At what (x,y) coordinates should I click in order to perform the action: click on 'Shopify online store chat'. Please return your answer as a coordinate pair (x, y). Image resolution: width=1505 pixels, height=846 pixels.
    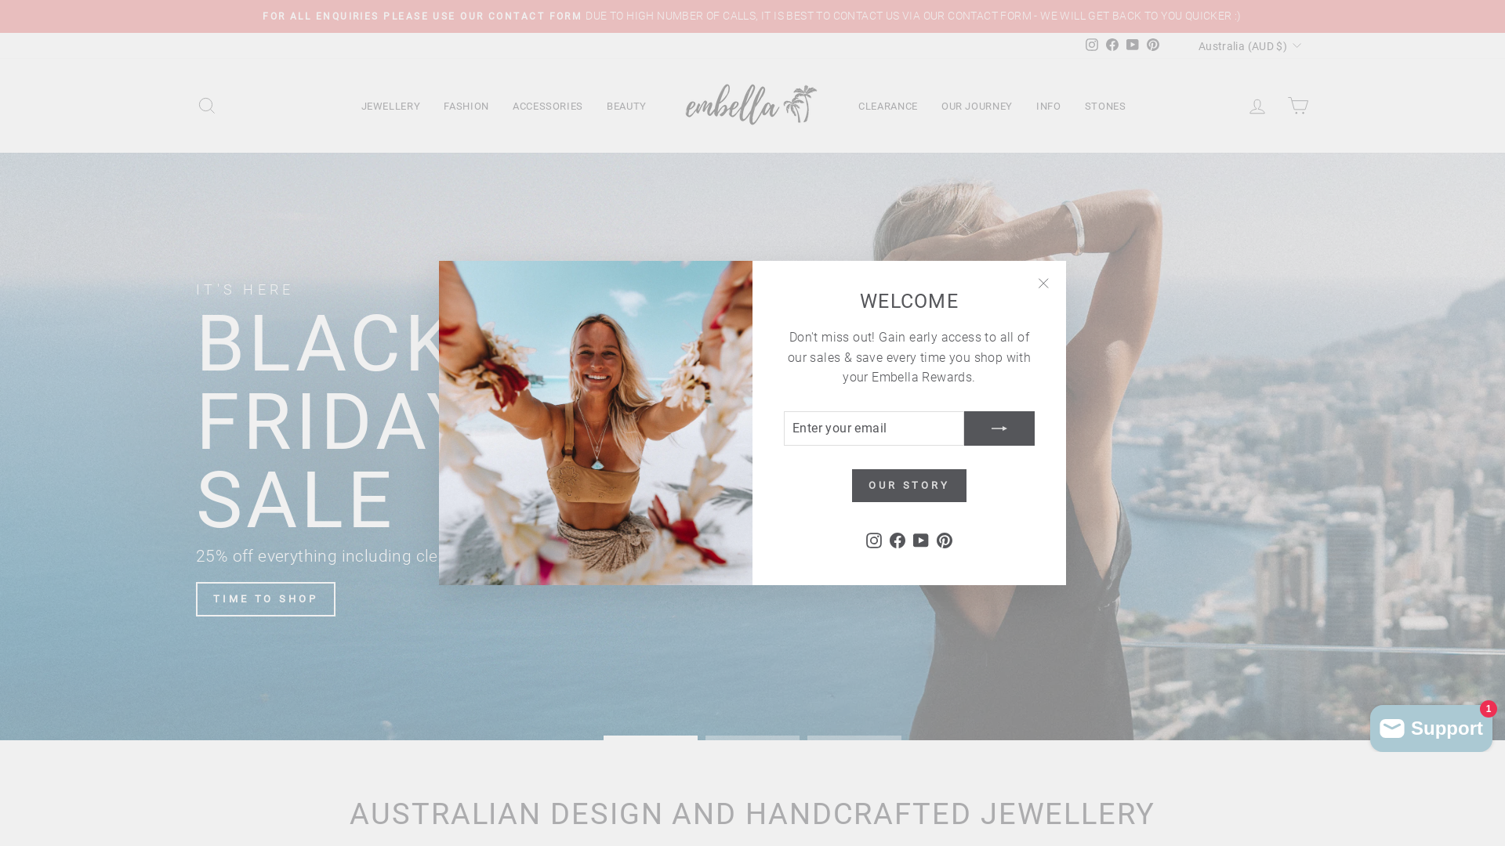
    Looking at the image, I should click on (1431, 725).